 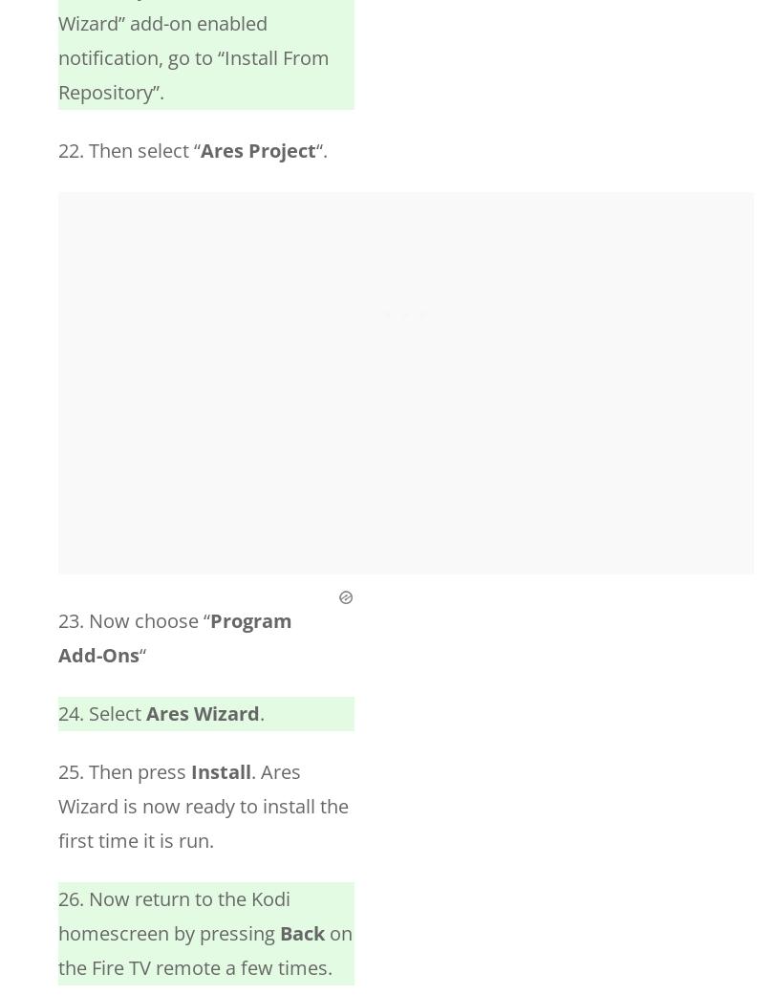 I want to click on '.', so click(x=262, y=713).